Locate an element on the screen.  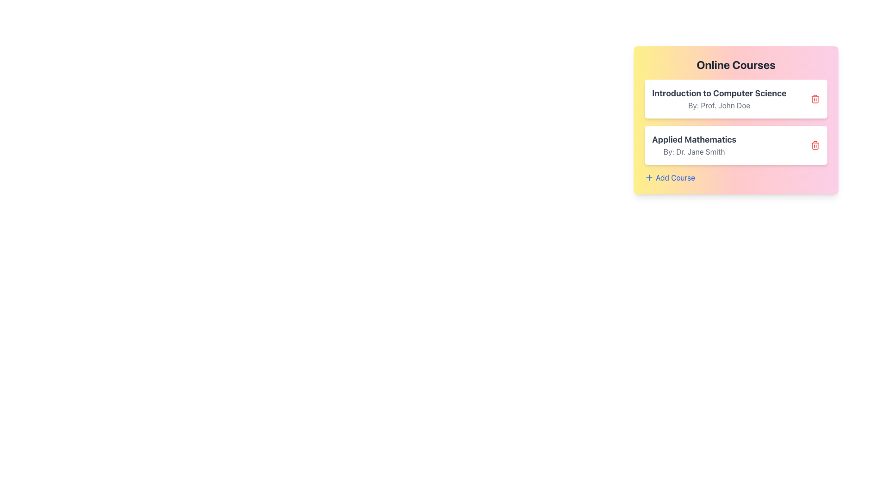
the course title of the second course item in the 'Online Courses' section is located at coordinates (735, 131).